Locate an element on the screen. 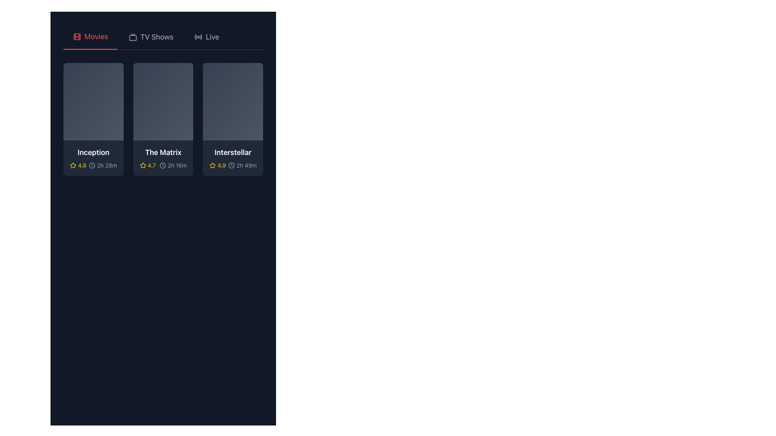  the circular radio icon located within the 'Live' navigation tab, which features a concentric circles design styled as an outline is located at coordinates (198, 37).